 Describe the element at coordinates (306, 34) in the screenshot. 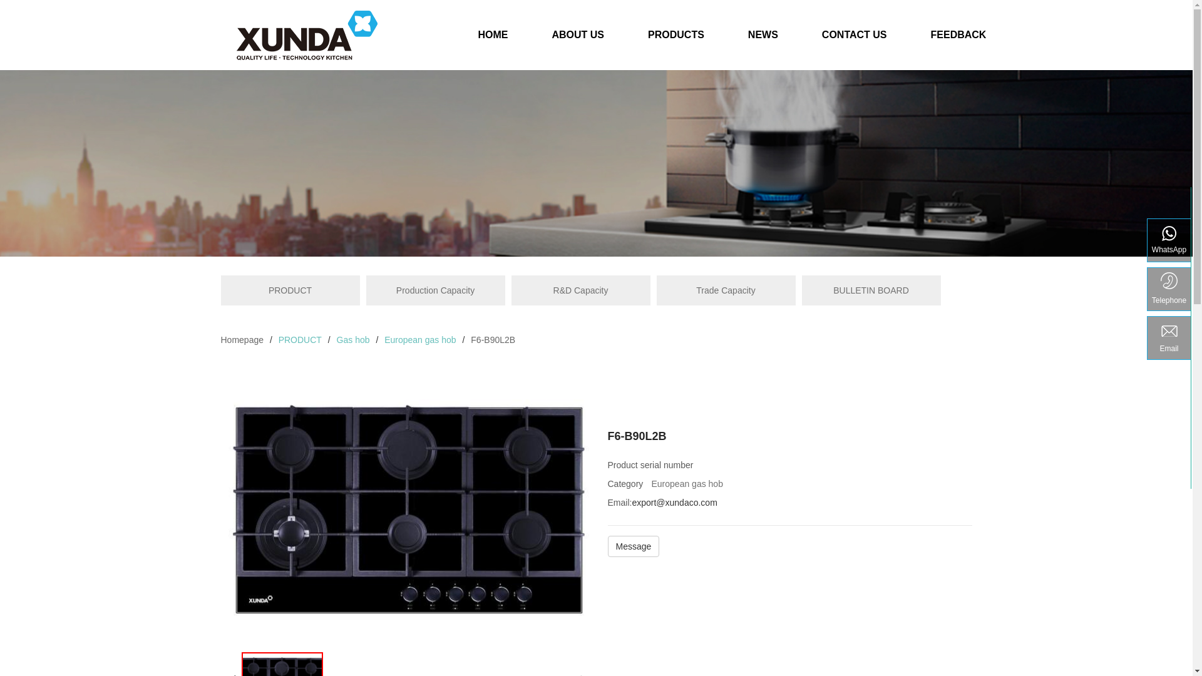

I see `'	Xunda Science & Technology Group Co., Ltd.'` at that location.